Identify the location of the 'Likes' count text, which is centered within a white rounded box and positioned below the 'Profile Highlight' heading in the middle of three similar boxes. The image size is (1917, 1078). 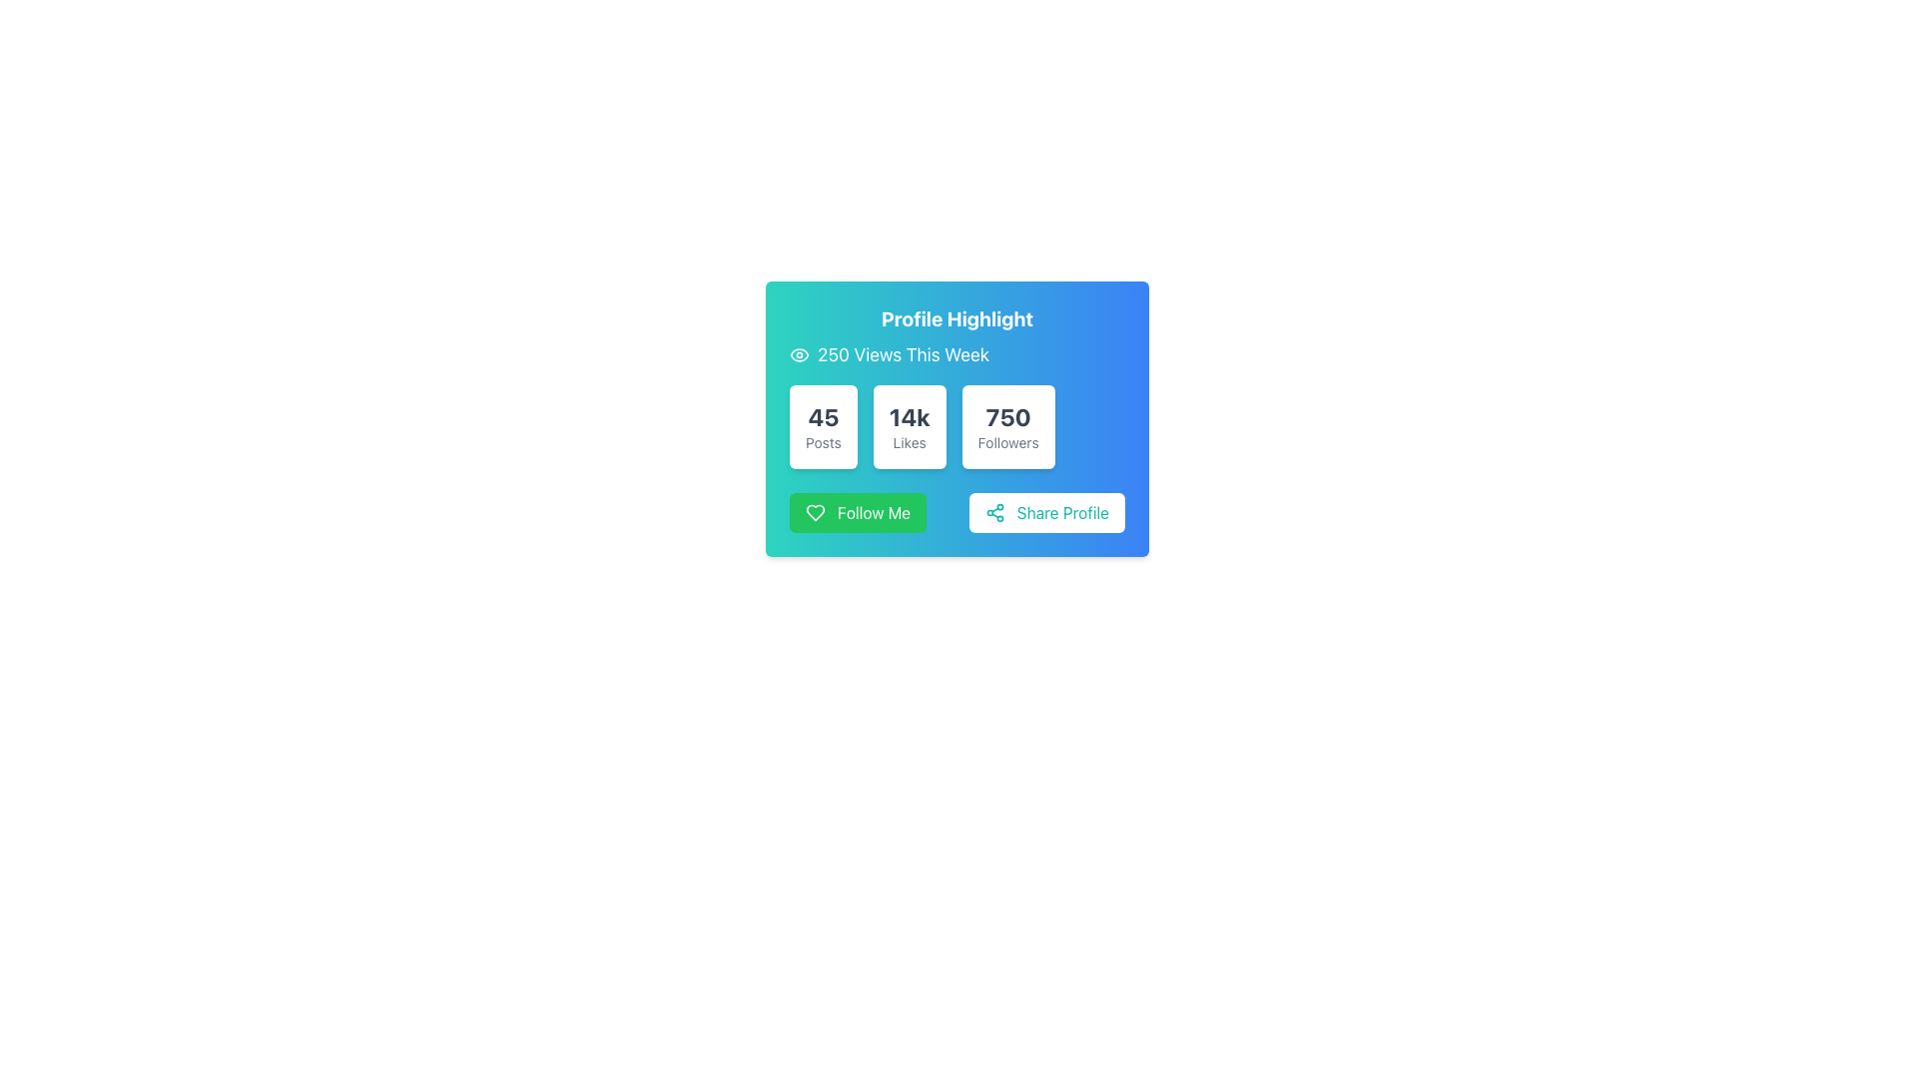
(909, 415).